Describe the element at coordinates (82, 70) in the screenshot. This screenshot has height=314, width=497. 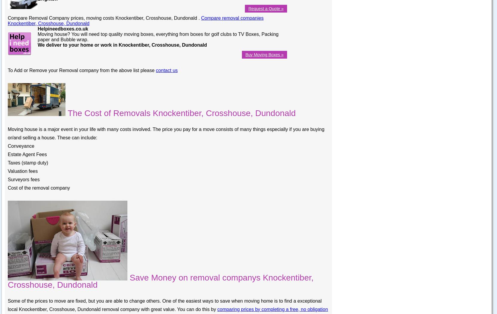
I see `'To Add or Remove your Removal company from the above list please'` at that location.